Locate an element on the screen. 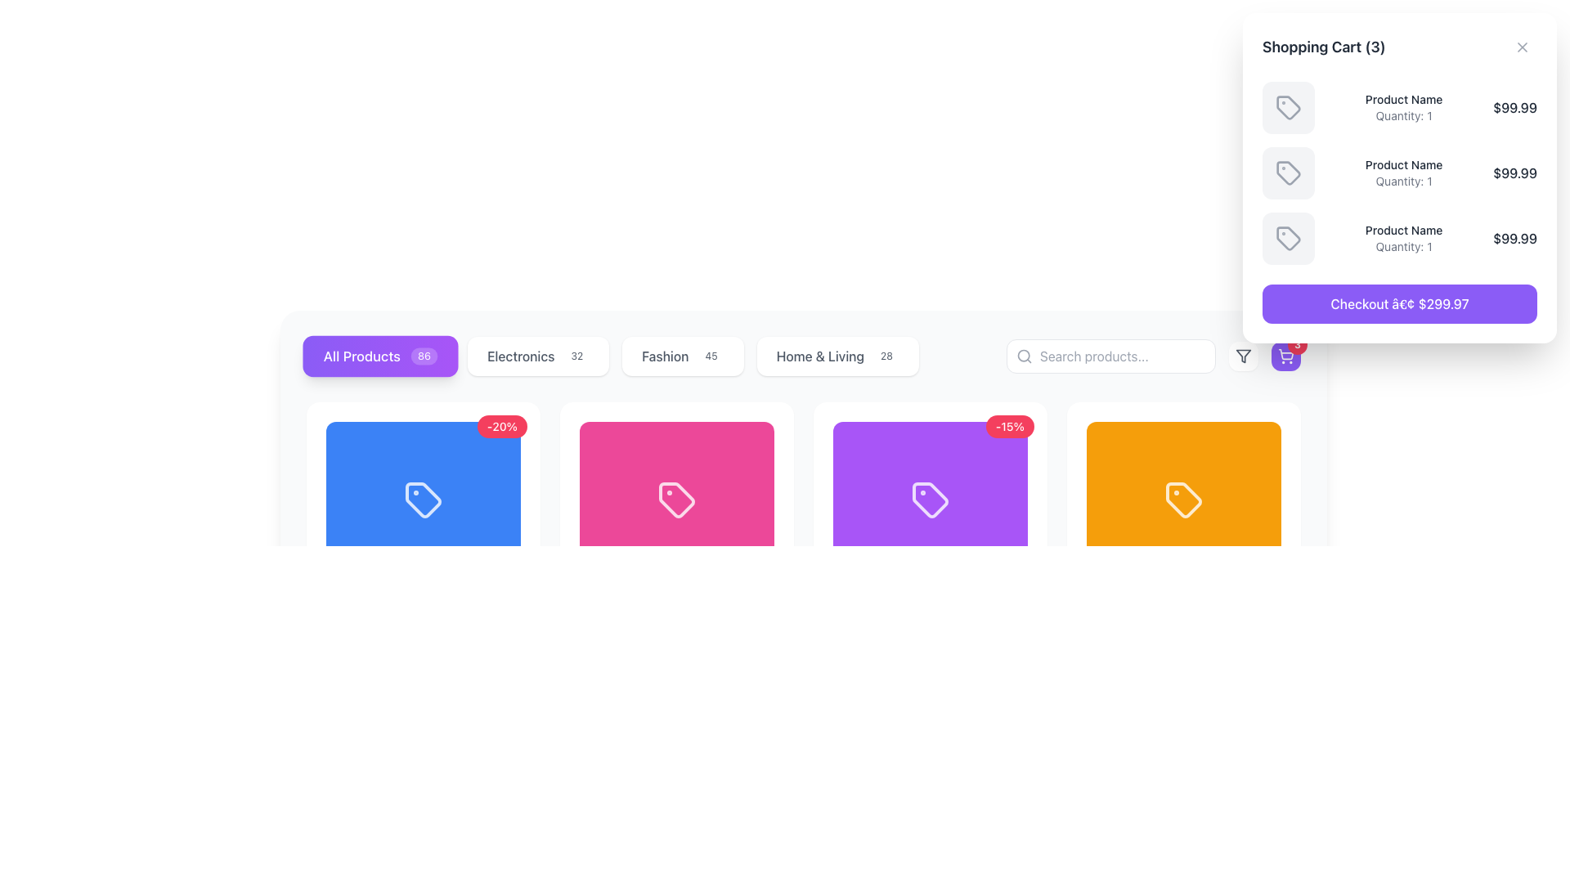  the Visual Panel representing the product category 'Ceramic Vase Set' with a vibrant color and icon, located in the fourth position of the horizontal row of colored panels is located at coordinates (1184, 500).